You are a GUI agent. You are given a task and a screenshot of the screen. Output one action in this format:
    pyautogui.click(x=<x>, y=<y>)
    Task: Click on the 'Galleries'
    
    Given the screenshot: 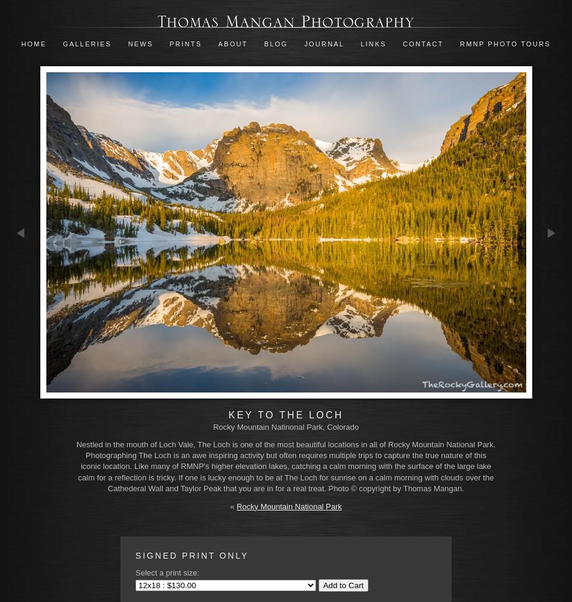 What is the action you would take?
    pyautogui.click(x=87, y=43)
    